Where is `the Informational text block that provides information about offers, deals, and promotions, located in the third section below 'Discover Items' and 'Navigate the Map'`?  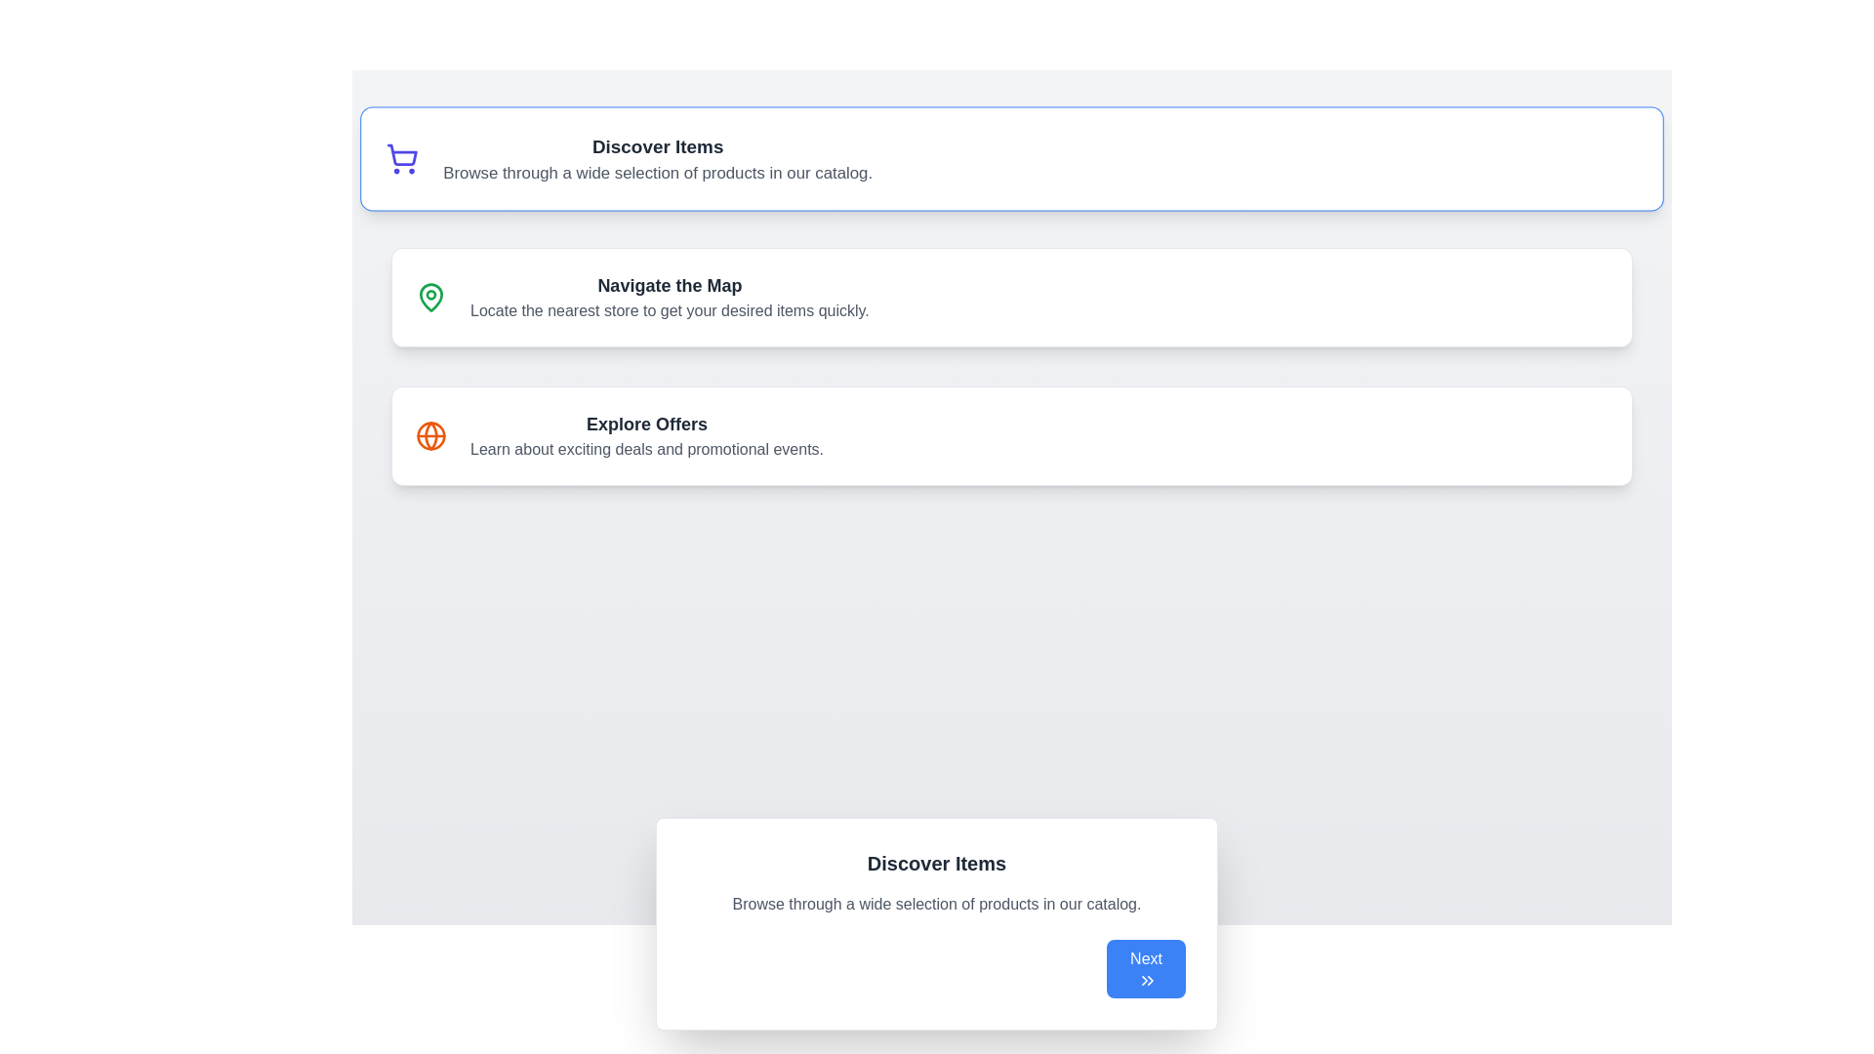 the Informational text block that provides information about offers, deals, and promotions, located in the third section below 'Discover Items' and 'Navigate the Map' is located at coordinates (646, 435).